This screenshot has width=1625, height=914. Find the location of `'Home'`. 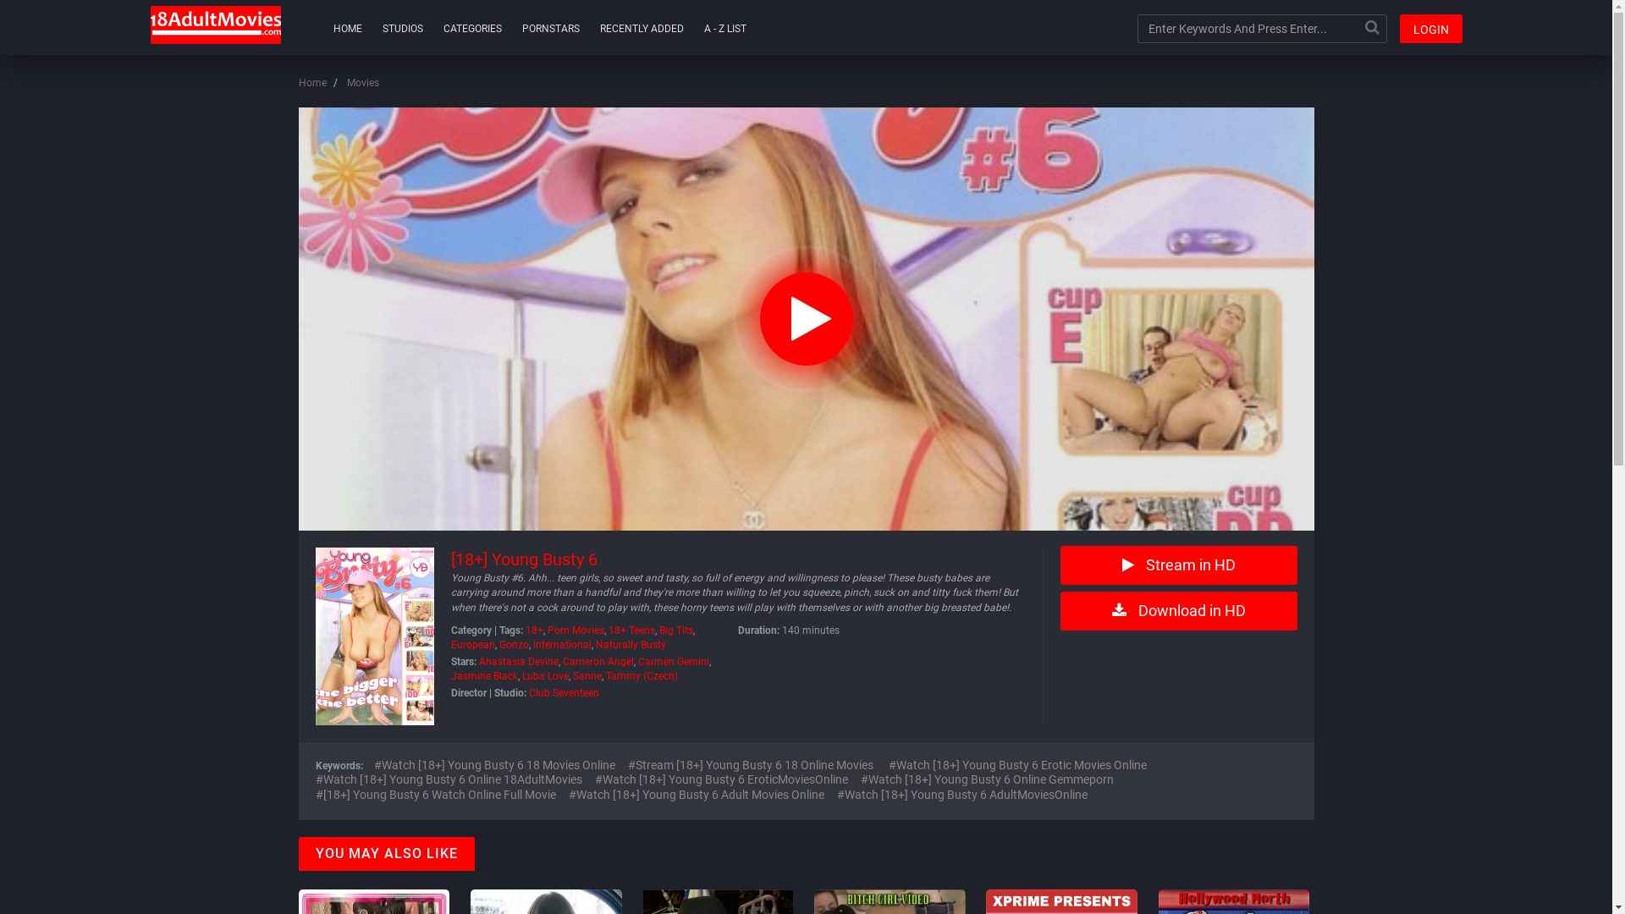

'Home' is located at coordinates (311, 82).